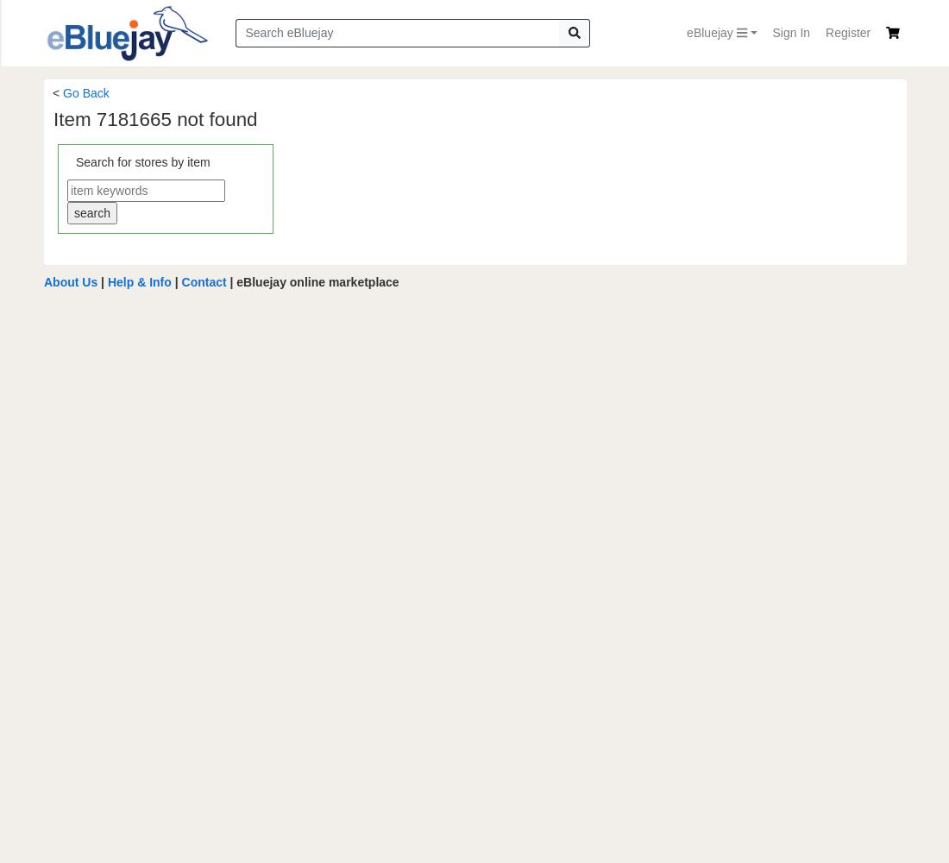 Image resolution: width=949 pixels, height=863 pixels. What do you see at coordinates (203, 280) in the screenshot?
I see `'Contact'` at bounding box center [203, 280].